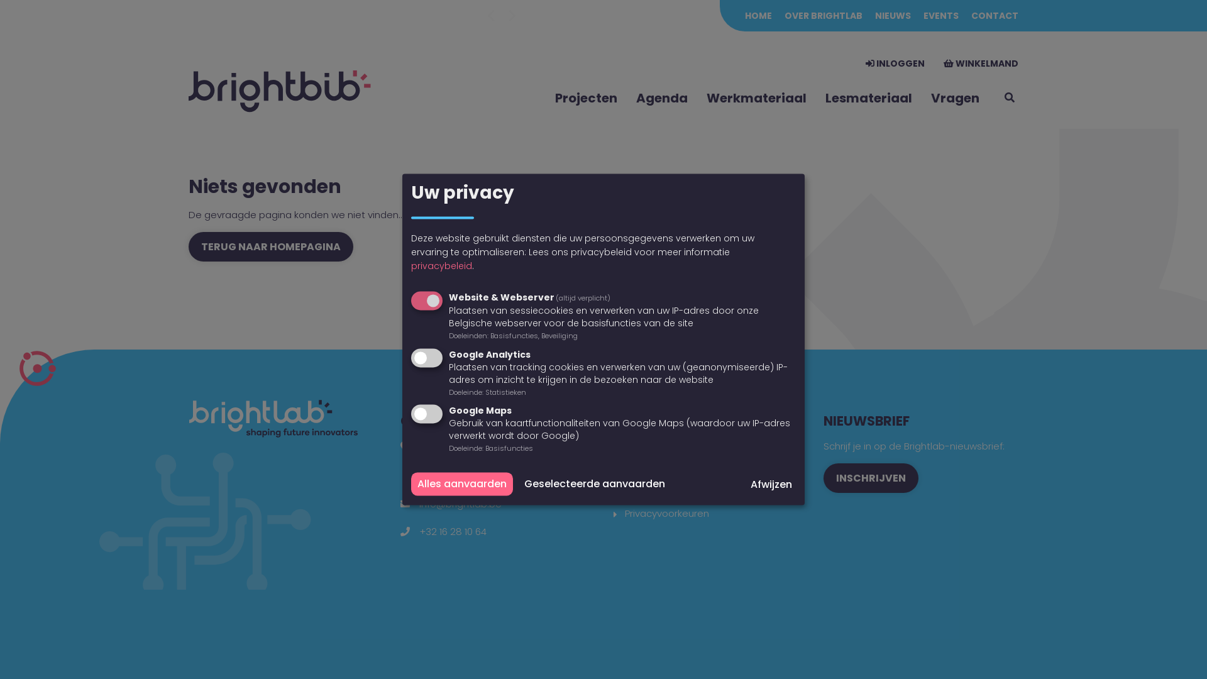 This screenshot has width=1207, height=679. Describe the element at coordinates (944, 63) in the screenshot. I see `'WINKELMAND'` at that location.